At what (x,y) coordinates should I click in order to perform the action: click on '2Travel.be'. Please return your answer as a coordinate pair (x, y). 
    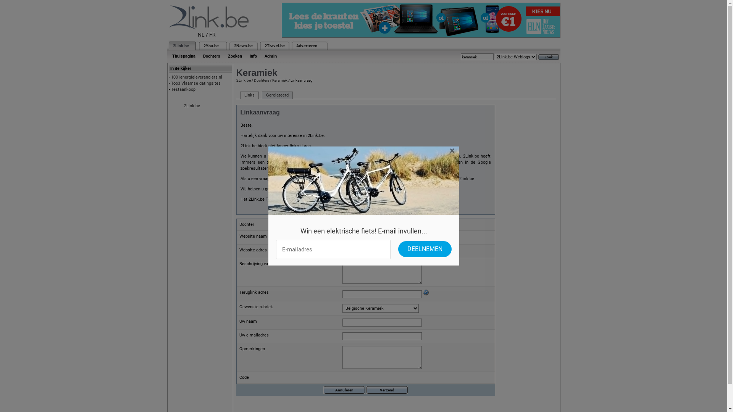
    Looking at the image, I should click on (274, 46).